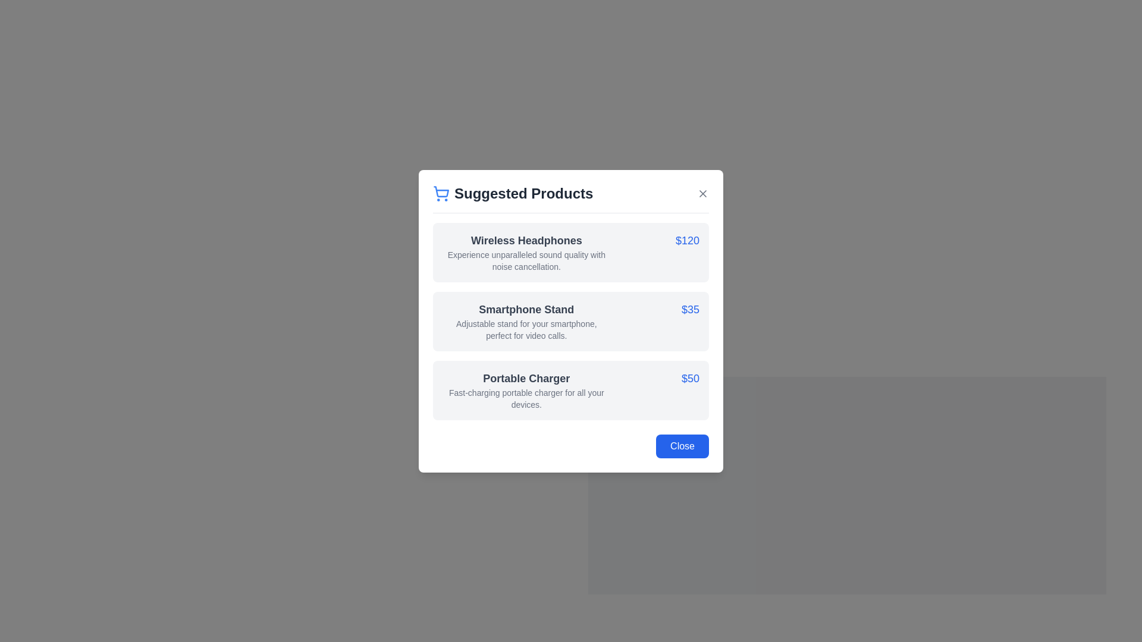 The image size is (1142, 642). I want to click on the static text element that provides details about the sound quality and noise-cancellation capabilities of the 'Wireless Headphones' product, located below the main title and above the product price in the 'Suggested Products' modal, so click(526, 260).